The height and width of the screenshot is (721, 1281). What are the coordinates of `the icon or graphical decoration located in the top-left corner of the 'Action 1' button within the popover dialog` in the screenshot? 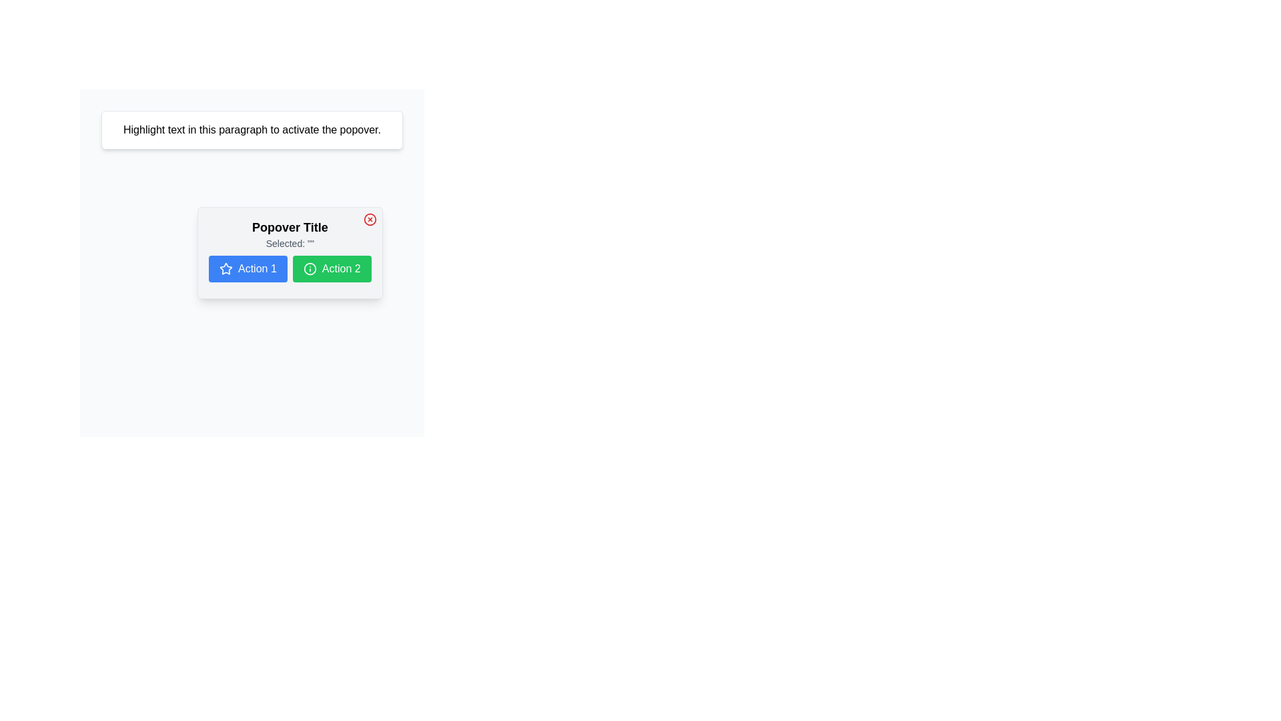 It's located at (226, 268).